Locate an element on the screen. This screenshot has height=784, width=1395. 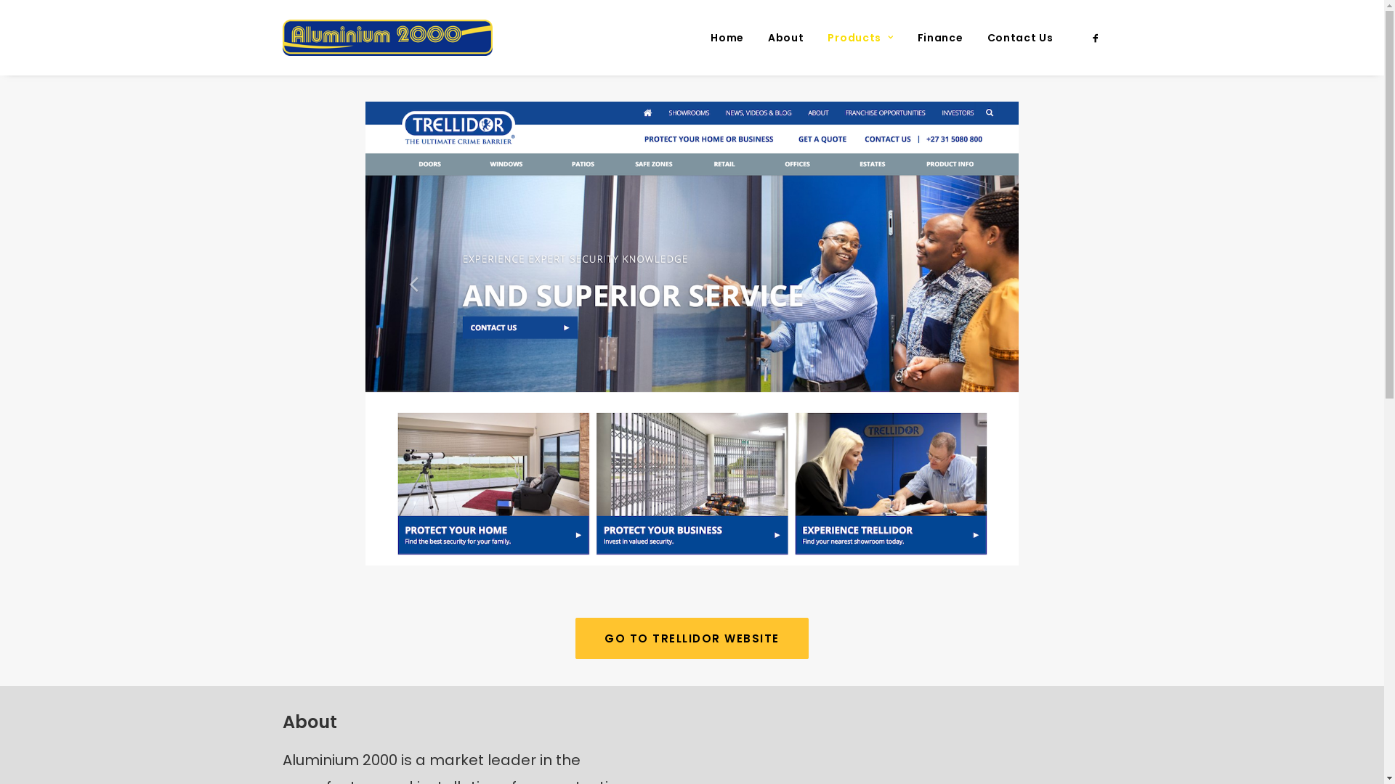
'Finance' is located at coordinates (906, 36).